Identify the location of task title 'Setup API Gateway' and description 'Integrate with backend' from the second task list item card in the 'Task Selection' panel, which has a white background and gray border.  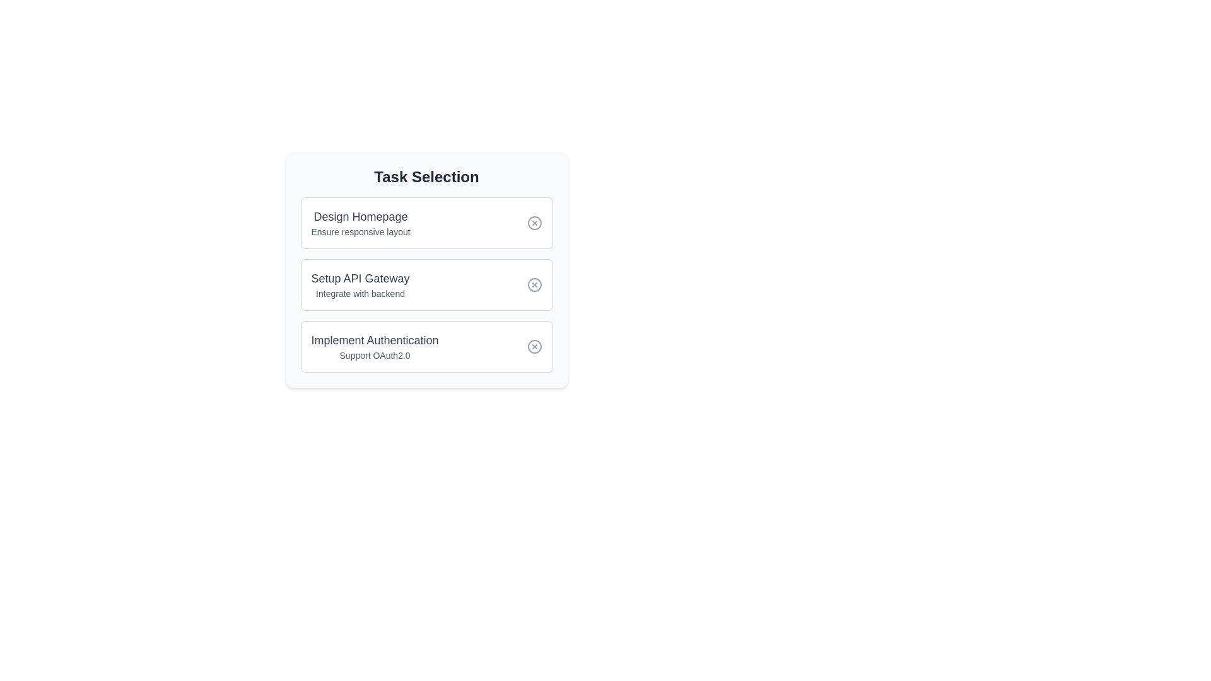
(426, 284).